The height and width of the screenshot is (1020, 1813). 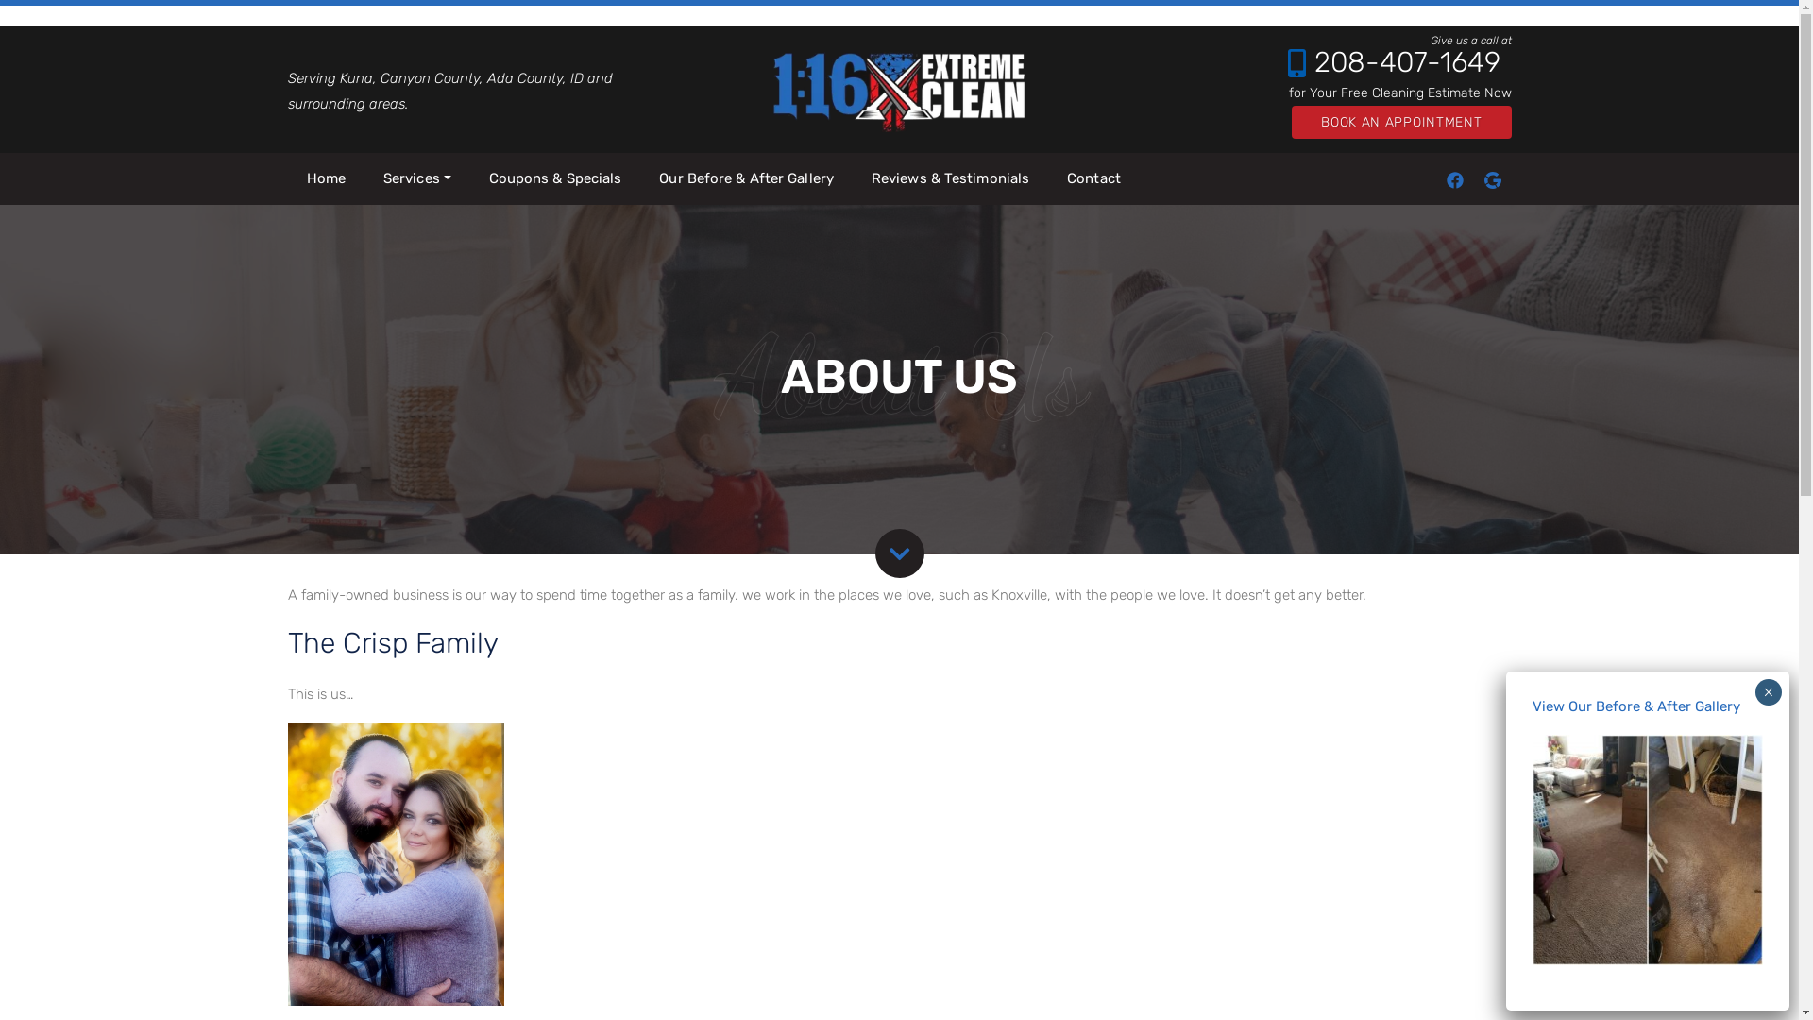 What do you see at coordinates (415, 178) in the screenshot?
I see `'Services'` at bounding box center [415, 178].